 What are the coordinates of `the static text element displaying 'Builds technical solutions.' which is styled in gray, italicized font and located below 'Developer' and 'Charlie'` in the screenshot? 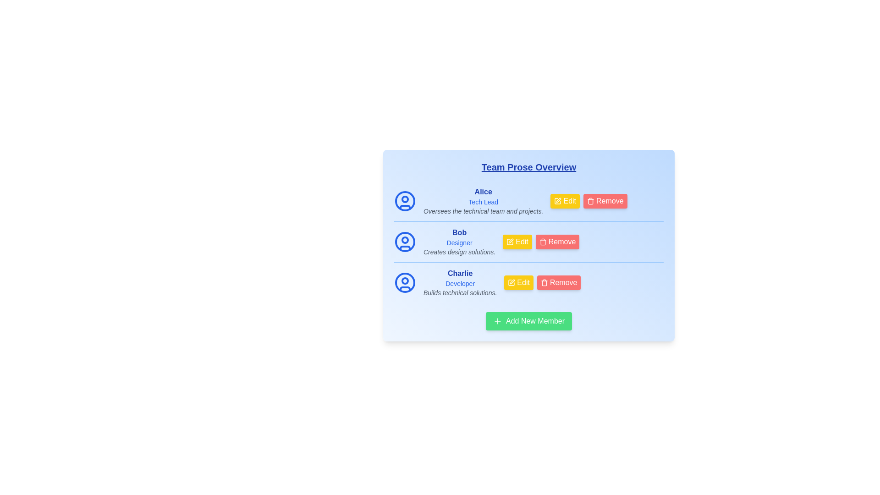 It's located at (460, 293).